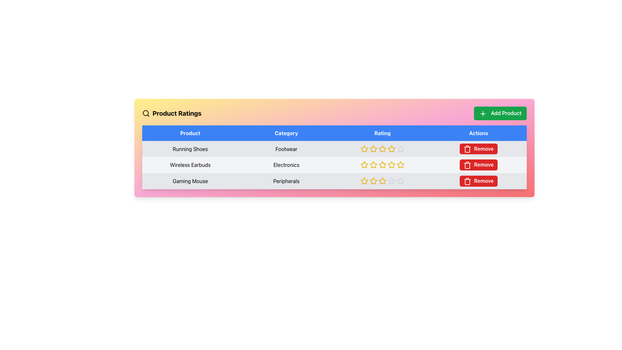 The height and width of the screenshot is (350, 622). What do you see at coordinates (478, 181) in the screenshot?
I see `the 'Remove' button for 'Gaming Mouse' located in the lower right of the interface` at bounding box center [478, 181].